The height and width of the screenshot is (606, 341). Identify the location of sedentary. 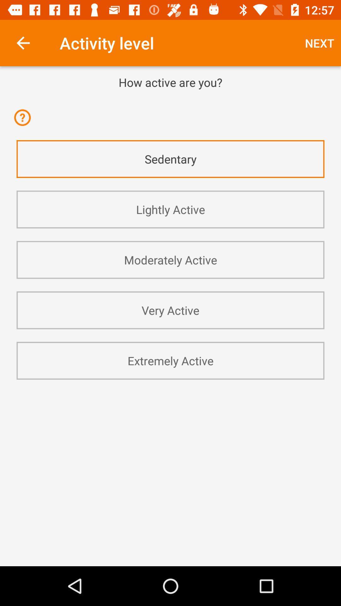
(170, 159).